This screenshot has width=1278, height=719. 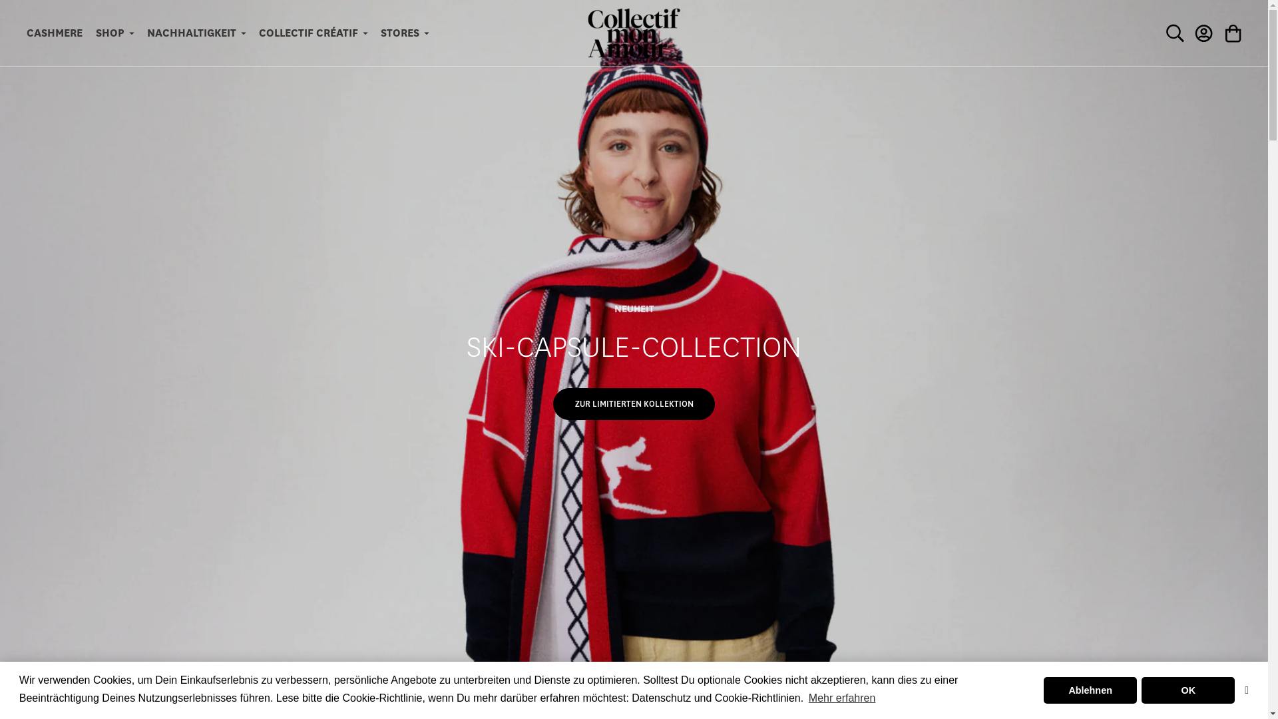 What do you see at coordinates (53, 33) in the screenshot?
I see `'CASHMERE'` at bounding box center [53, 33].